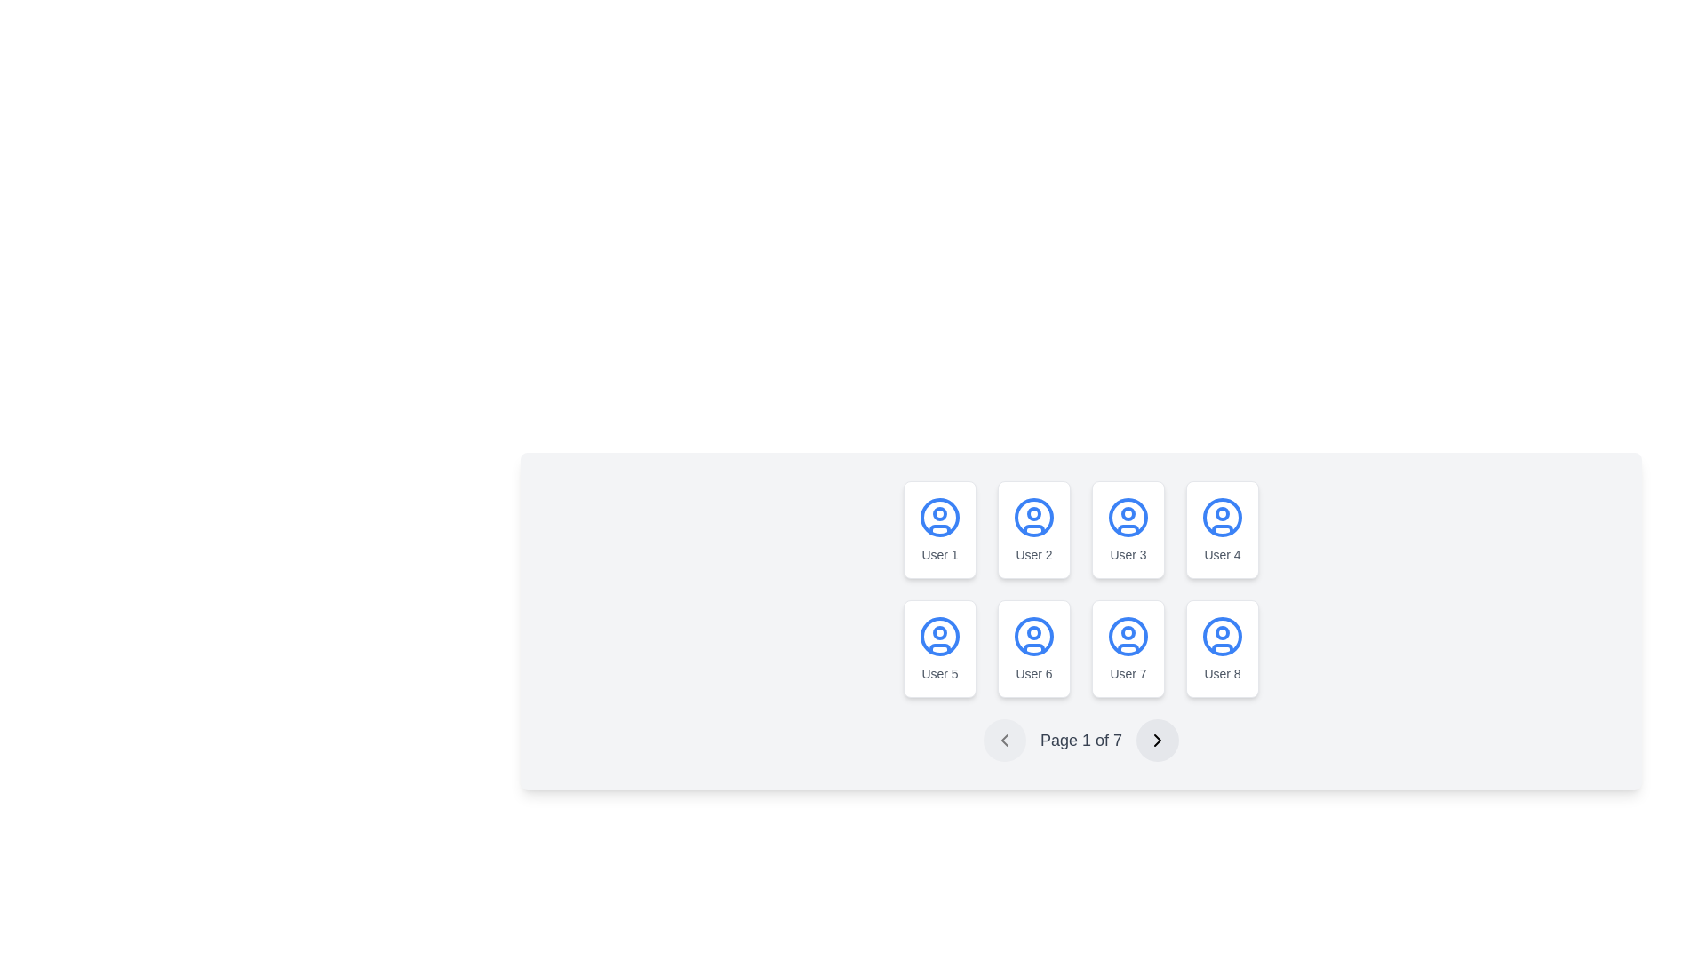  What do you see at coordinates (1158, 740) in the screenshot?
I see `the 'next page' button, which is a chevron icon located in the lower-right section of the interface` at bounding box center [1158, 740].